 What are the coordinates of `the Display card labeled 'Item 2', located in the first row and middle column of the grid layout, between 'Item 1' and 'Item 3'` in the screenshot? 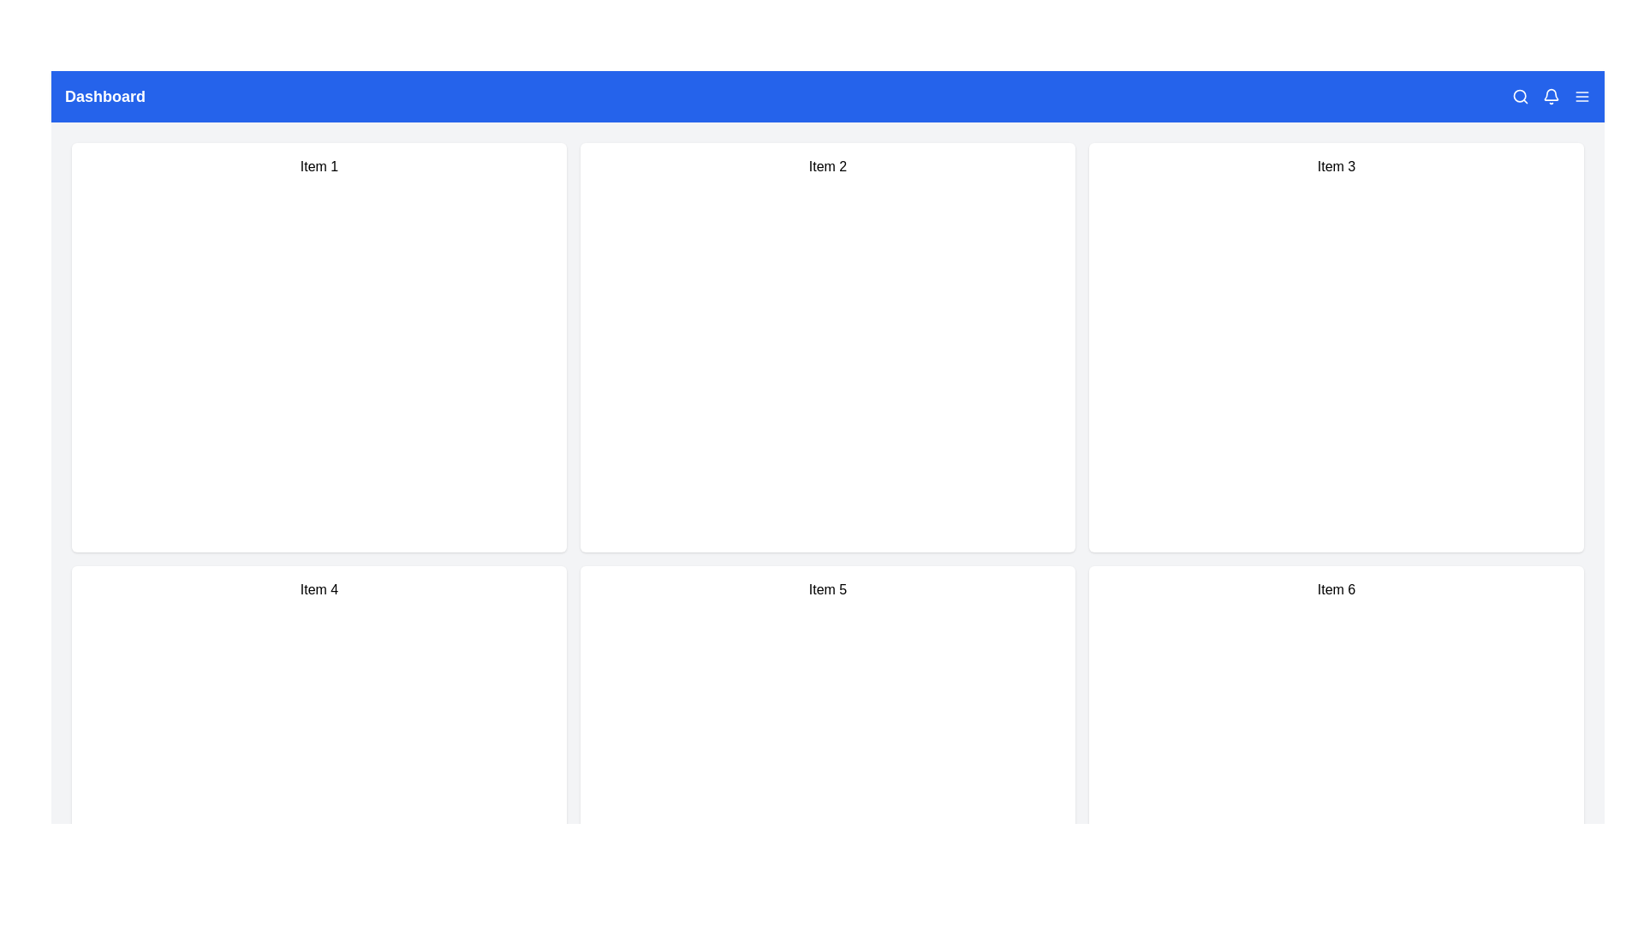 It's located at (827, 347).